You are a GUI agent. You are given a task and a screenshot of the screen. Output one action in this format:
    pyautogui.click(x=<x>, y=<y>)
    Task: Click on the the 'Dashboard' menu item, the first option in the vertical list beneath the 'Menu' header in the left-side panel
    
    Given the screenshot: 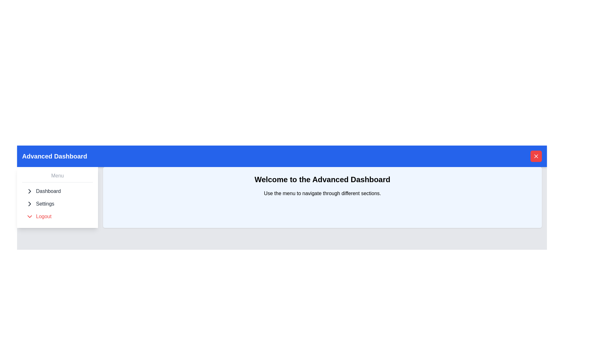 What is the action you would take?
    pyautogui.click(x=58, y=191)
    